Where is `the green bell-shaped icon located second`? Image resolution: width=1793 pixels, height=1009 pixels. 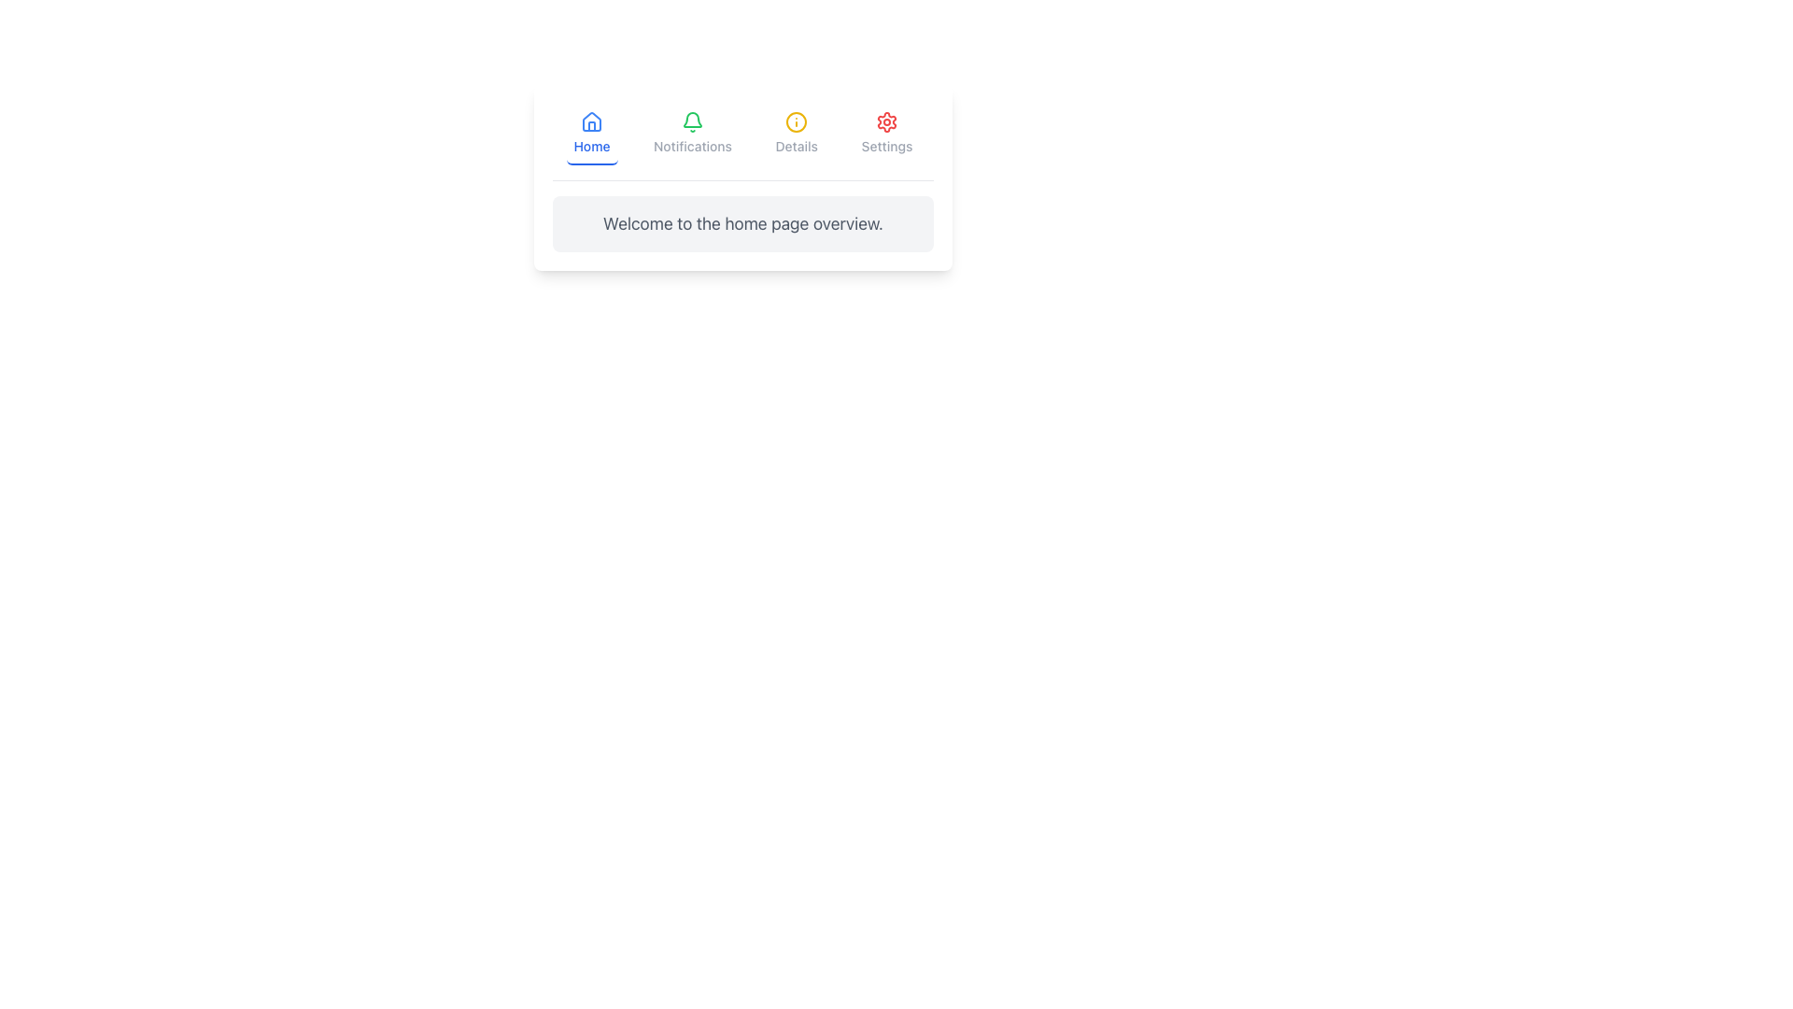 the green bell-shaped icon located second is located at coordinates (692, 119).